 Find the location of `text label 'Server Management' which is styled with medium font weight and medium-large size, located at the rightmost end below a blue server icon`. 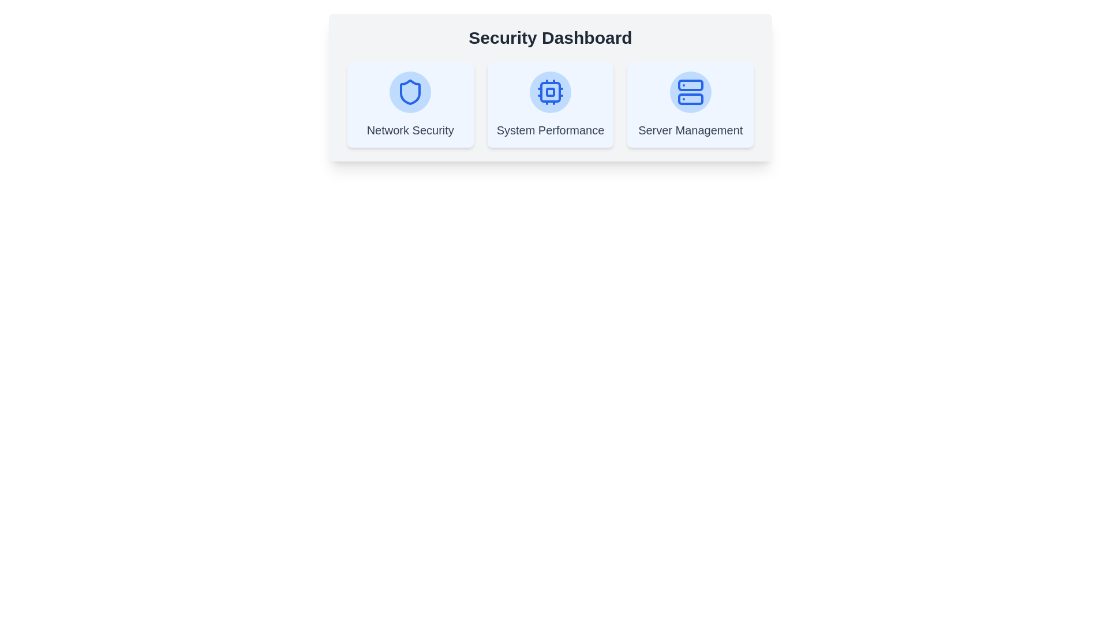

text label 'Server Management' which is styled with medium font weight and medium-large size, located at the rightmost end below a blue server icon is located at coordinates (690, 130).